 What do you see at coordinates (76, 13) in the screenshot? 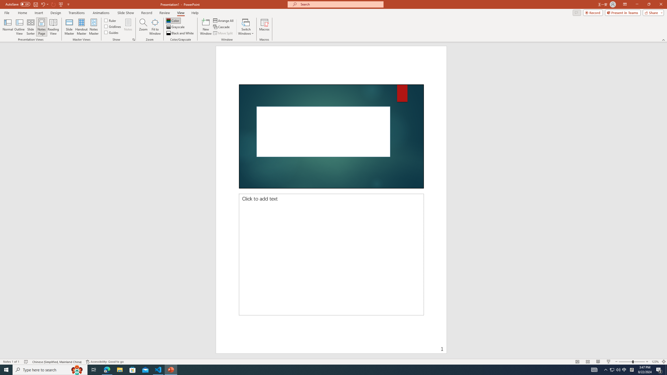
I see `'Transitions'` at bounding box center [76, 13].